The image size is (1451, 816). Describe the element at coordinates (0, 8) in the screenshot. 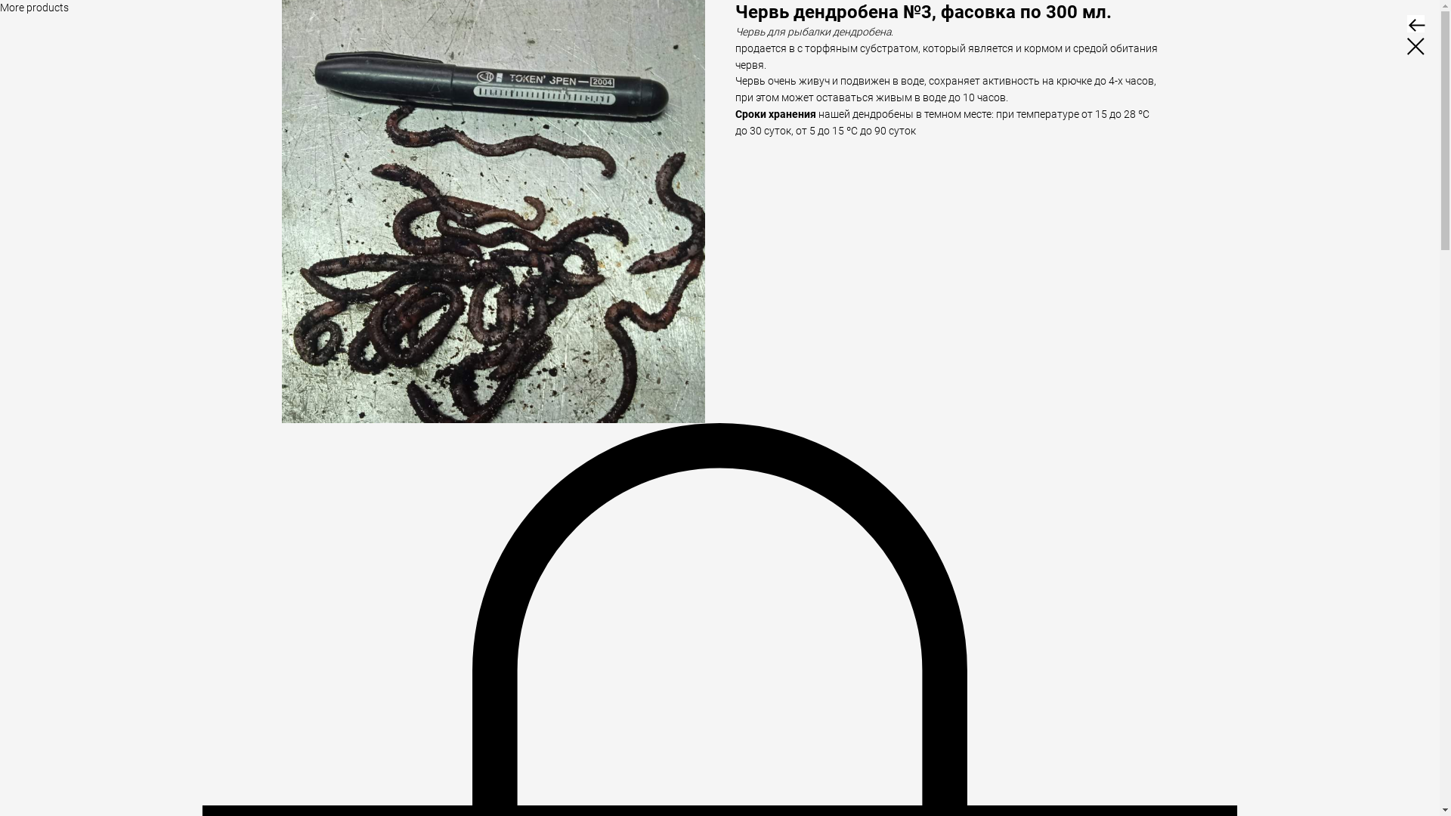

I see `'More products'` at that location.